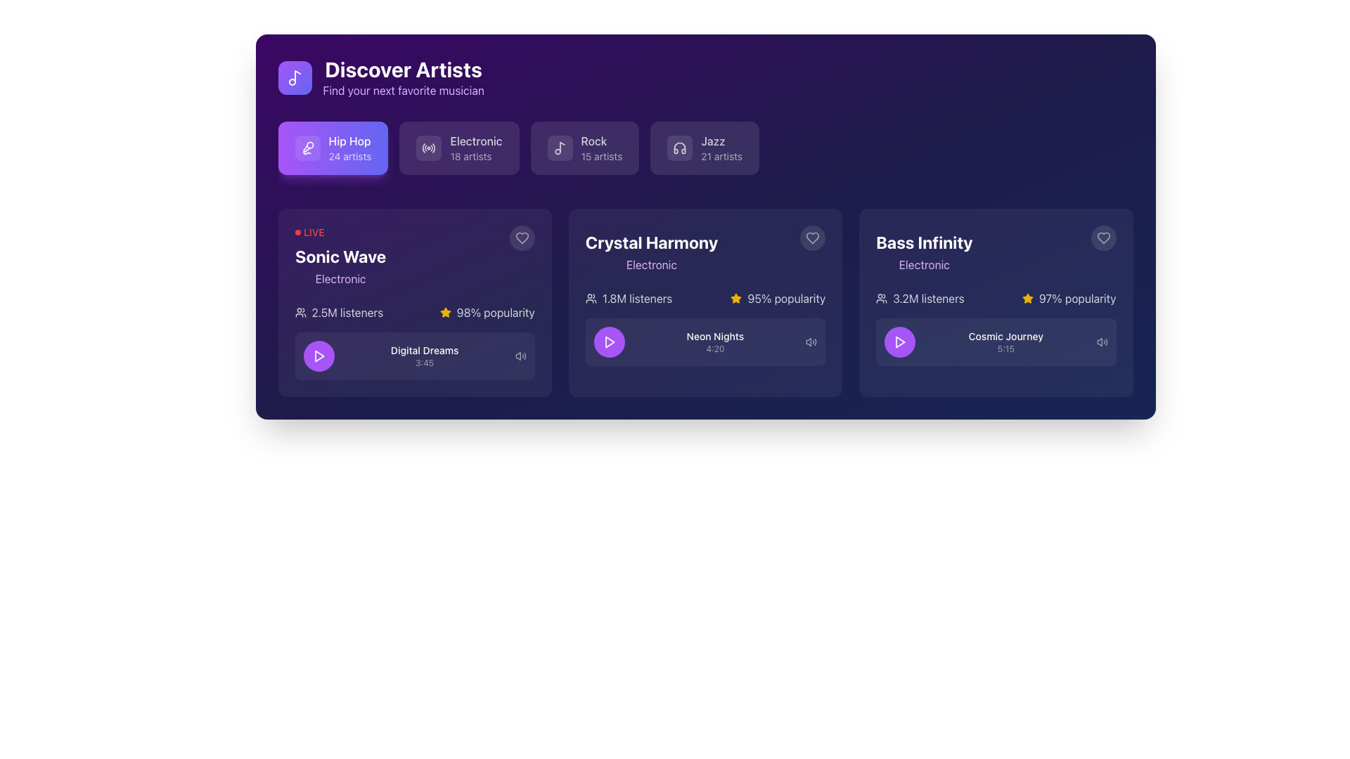  What do you see at coordinates (476, 148) in the screenshot?
I see `the 'Electronic' music genre label, which displays '18 artists', located in the middle section of a row of genre categories under the 'Discover Artists' header` at bounding box center [476, 148].